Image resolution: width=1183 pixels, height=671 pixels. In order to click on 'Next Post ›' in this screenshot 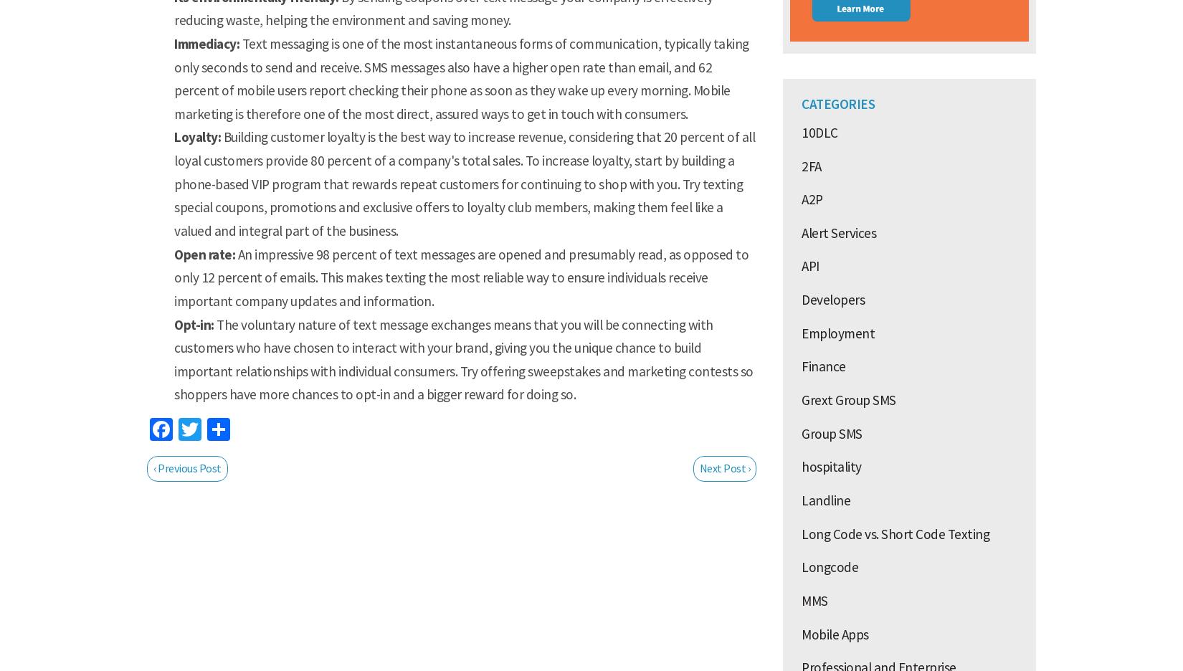, I will do `click(724, 467)`.